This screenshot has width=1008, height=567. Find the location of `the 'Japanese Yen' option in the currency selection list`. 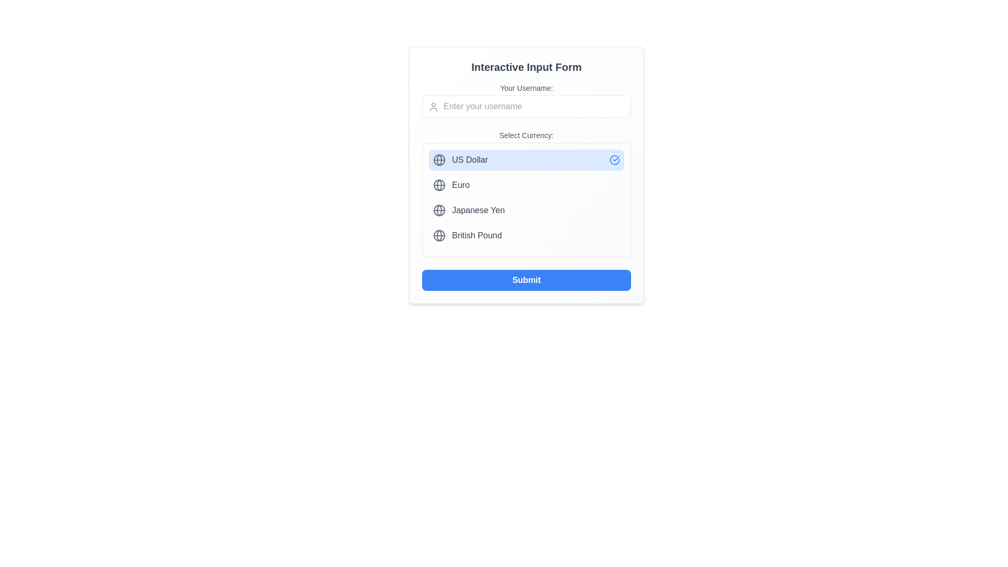

the 'Japanese Yen' option in the currency selection list is located at coordinates (527, 200).